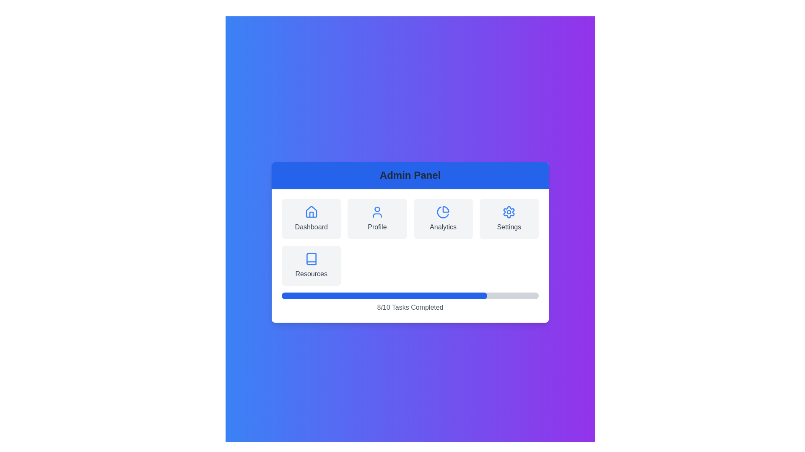 The image size is (805, 452). Describe the element at coordinates (443, 218) in the screenshot. I see `the menu option Analytics to observe its hover effect` at that location.